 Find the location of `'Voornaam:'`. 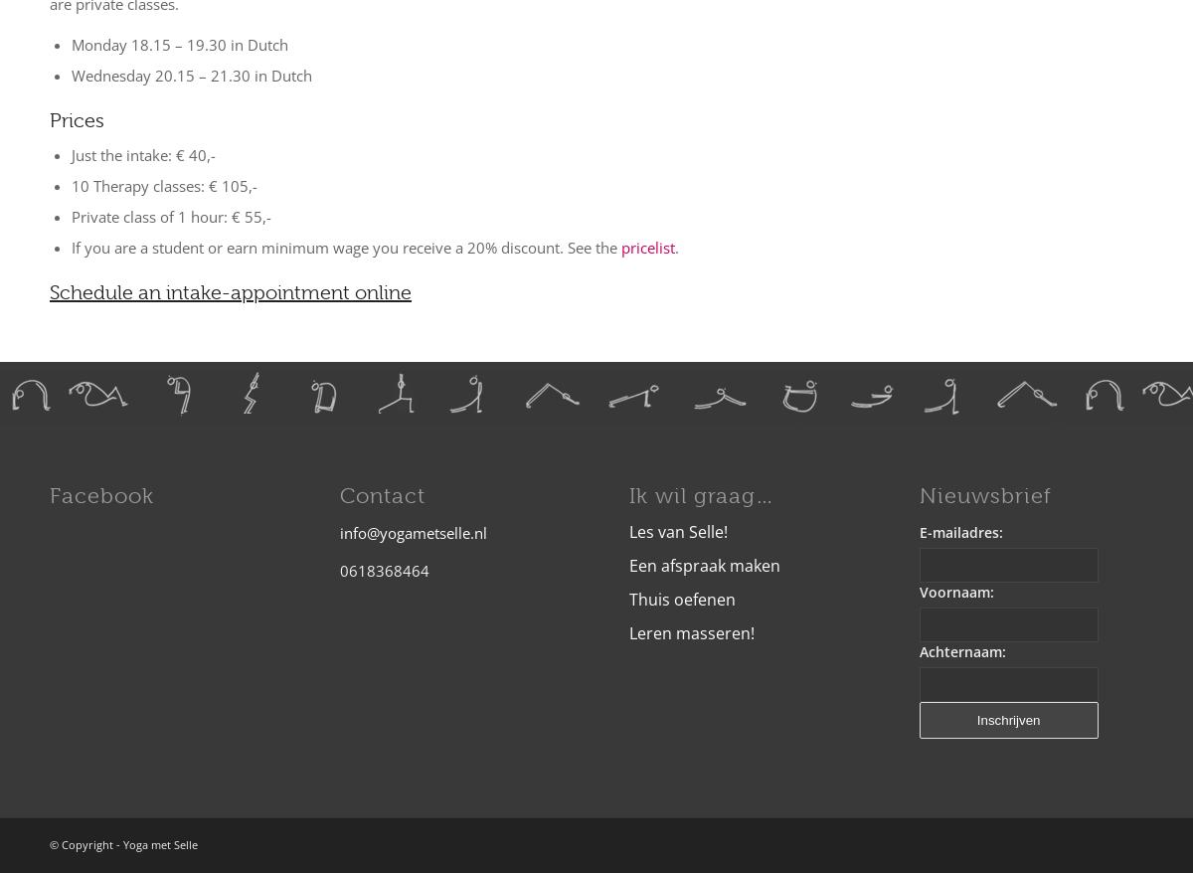

'Voornaam:' is located at coordinates (955, 592).